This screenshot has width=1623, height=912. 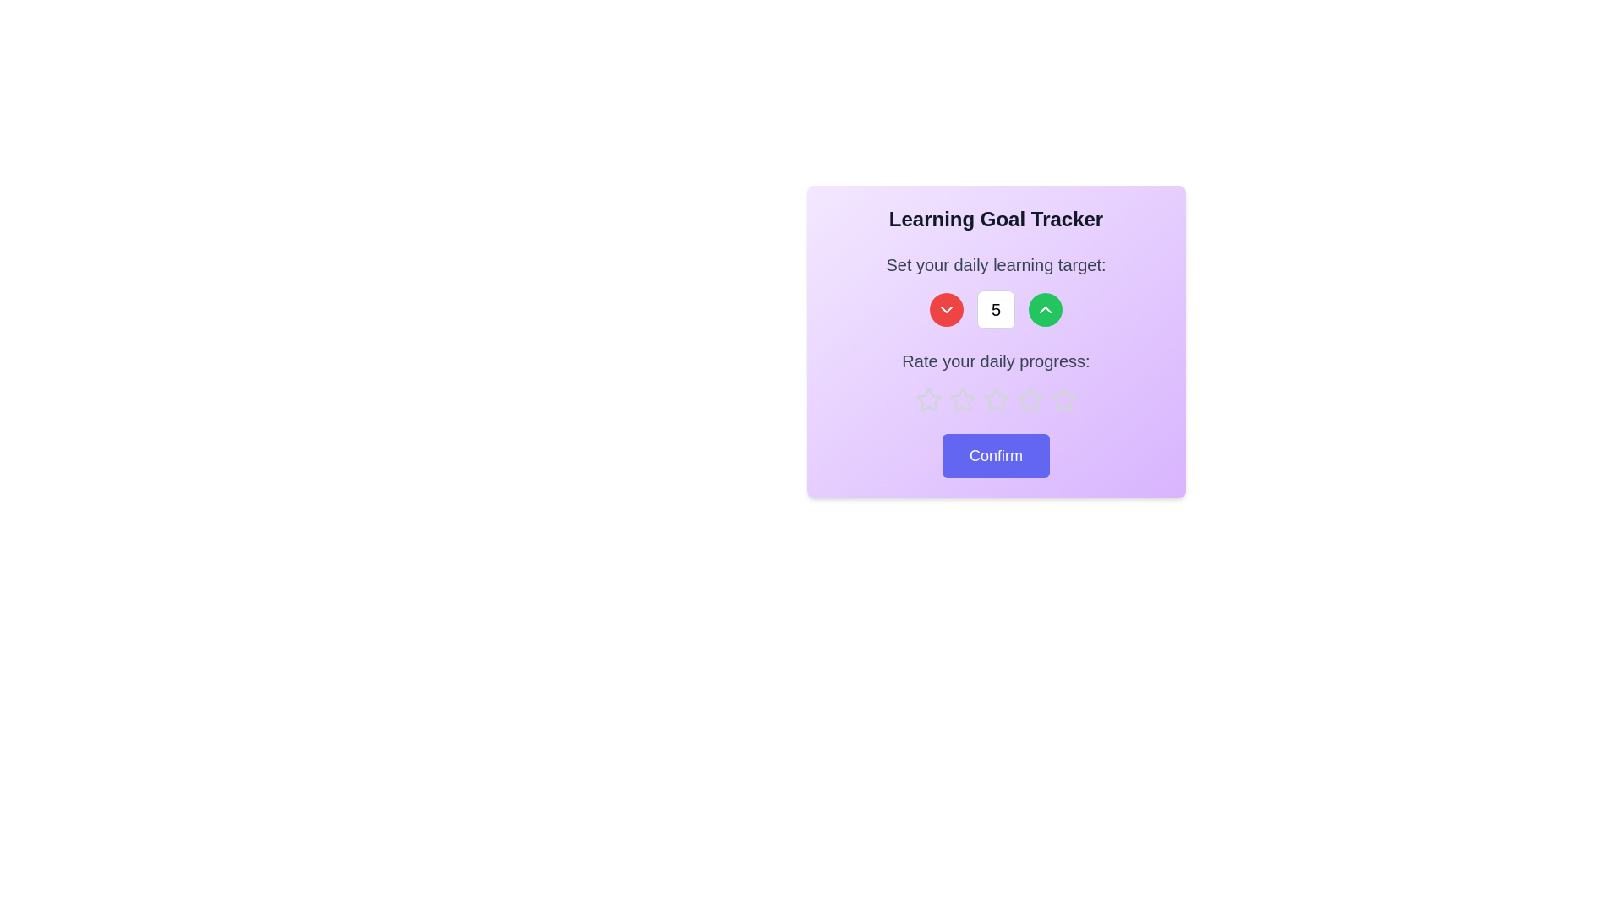 I want to click on the 'Confirm' button located at the bottom-center of the 'Learning Goal Tracker' card UI component, so click(x=996, y=456).